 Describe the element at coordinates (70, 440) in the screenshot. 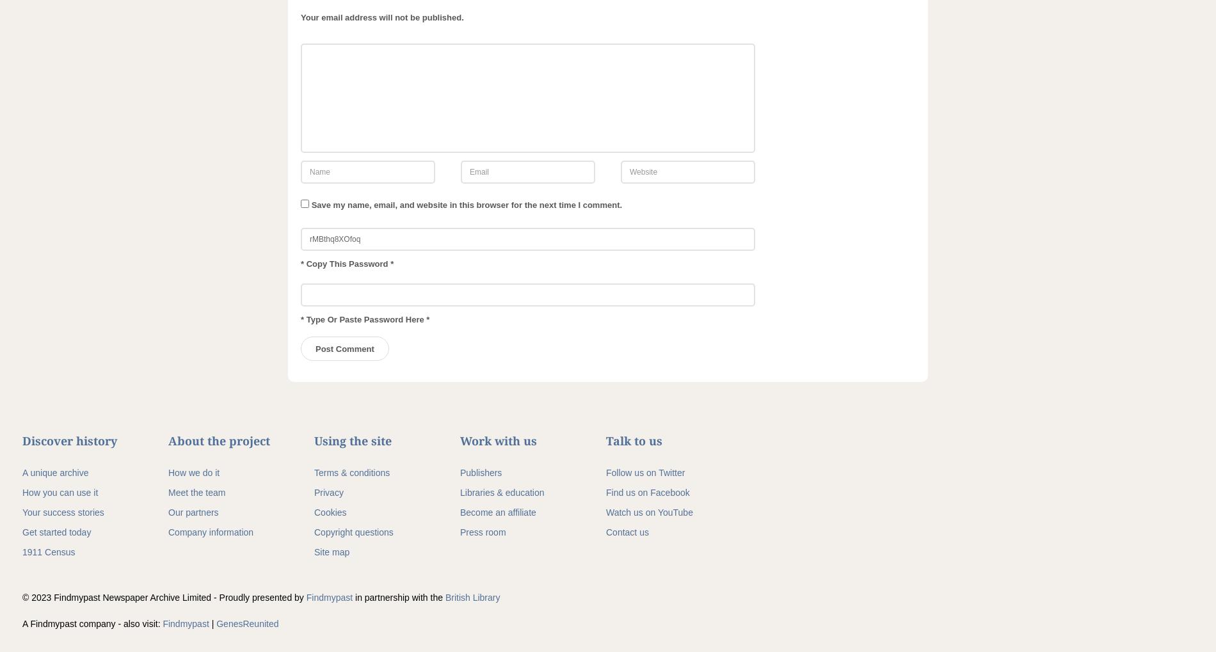

I see `'Discover history'` at that location.